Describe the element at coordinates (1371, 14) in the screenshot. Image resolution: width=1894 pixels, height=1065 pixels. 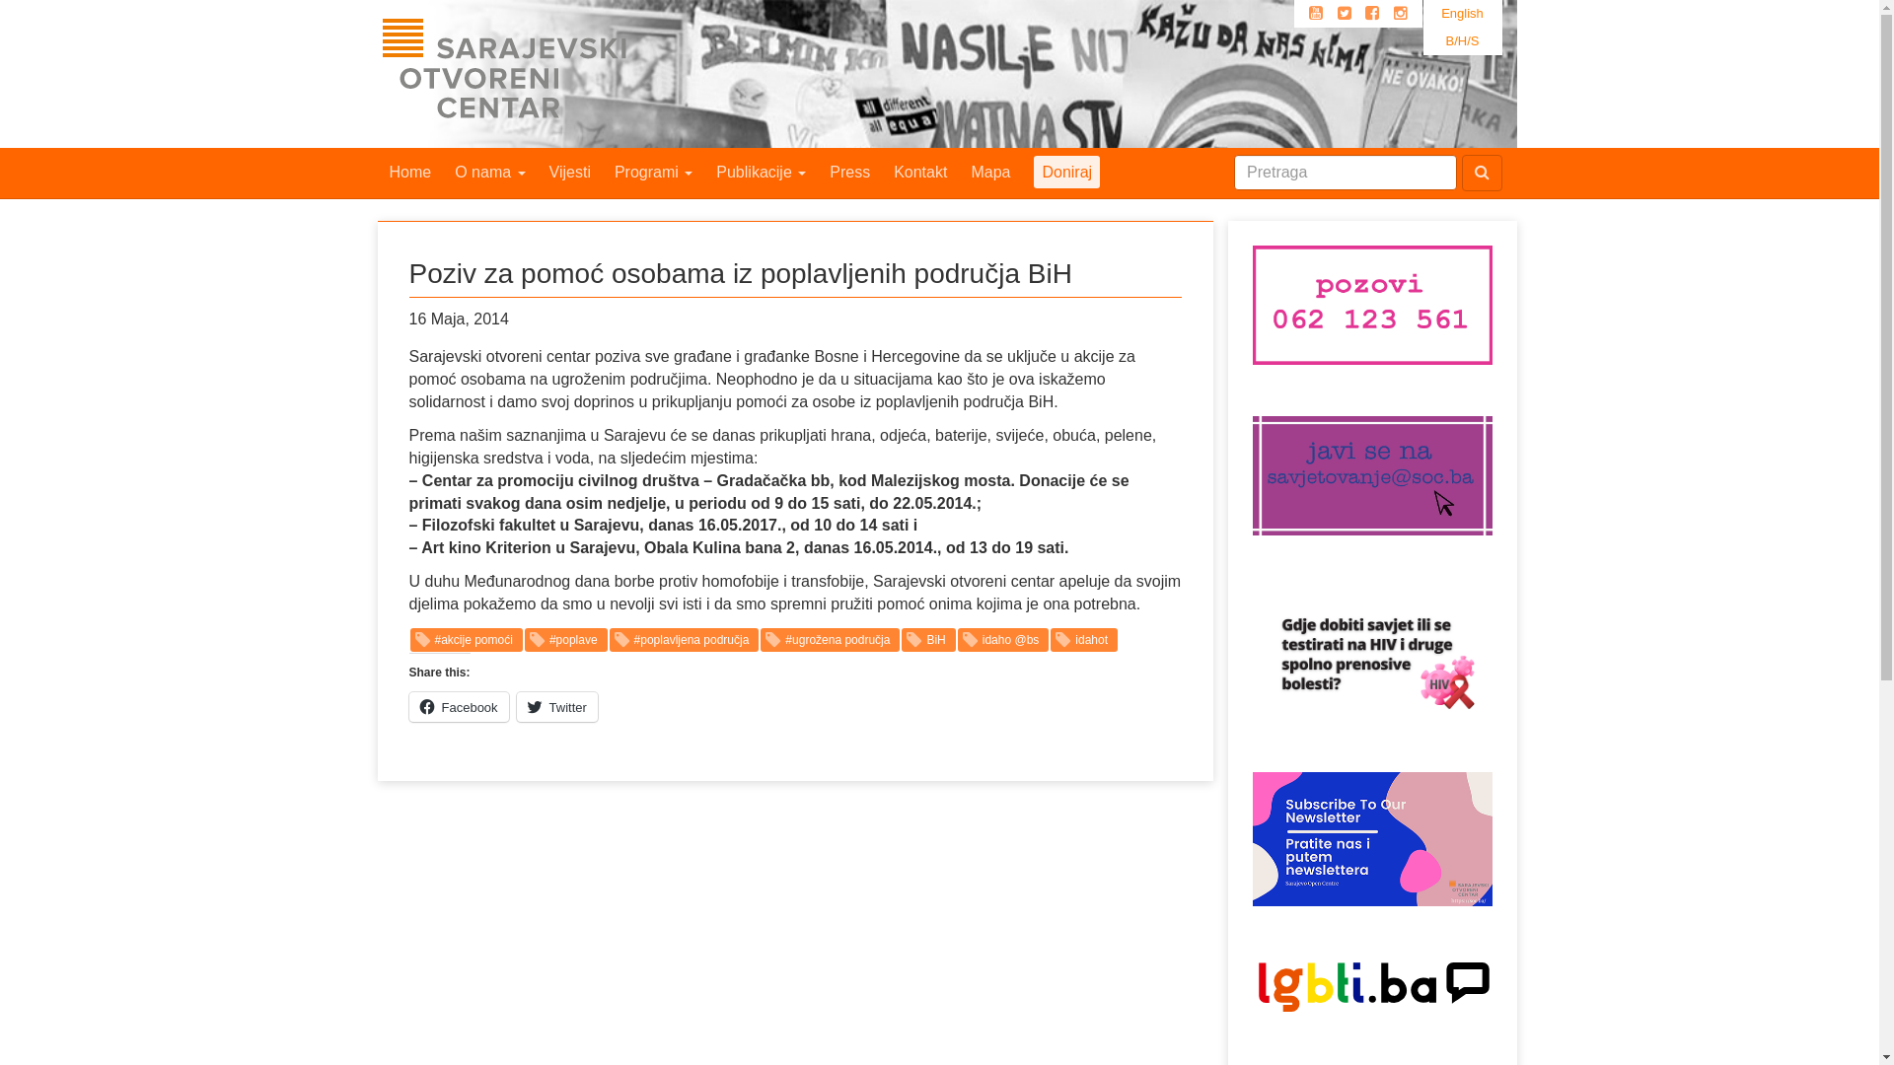
I see `'Facebook'` at that location.